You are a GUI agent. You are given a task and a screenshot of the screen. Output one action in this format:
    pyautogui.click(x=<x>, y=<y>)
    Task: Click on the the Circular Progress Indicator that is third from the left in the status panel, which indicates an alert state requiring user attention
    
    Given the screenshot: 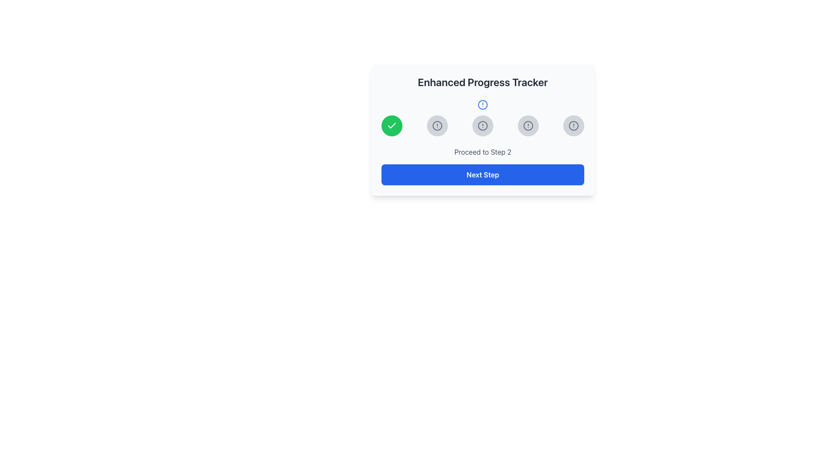 What is the action you would take?
    pyautogui.click(x=528, y=126)
    